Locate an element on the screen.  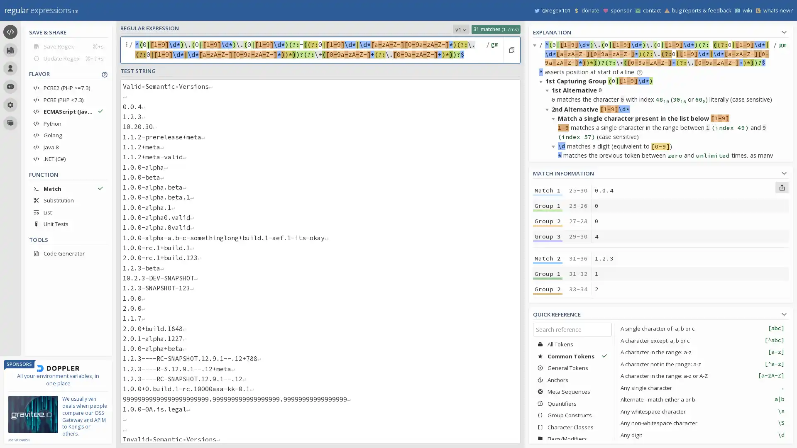
Any single character . is located at coordinates (702, 387).